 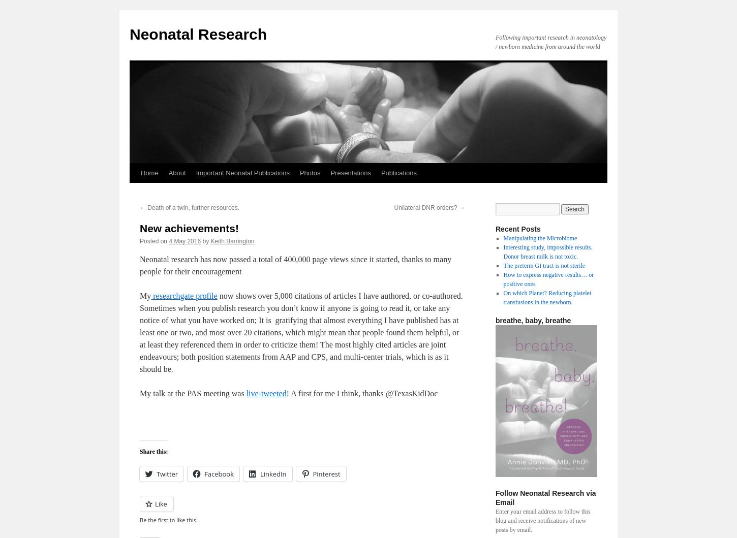 I want to click on 'Pinterest', so click(x=312, y=473).